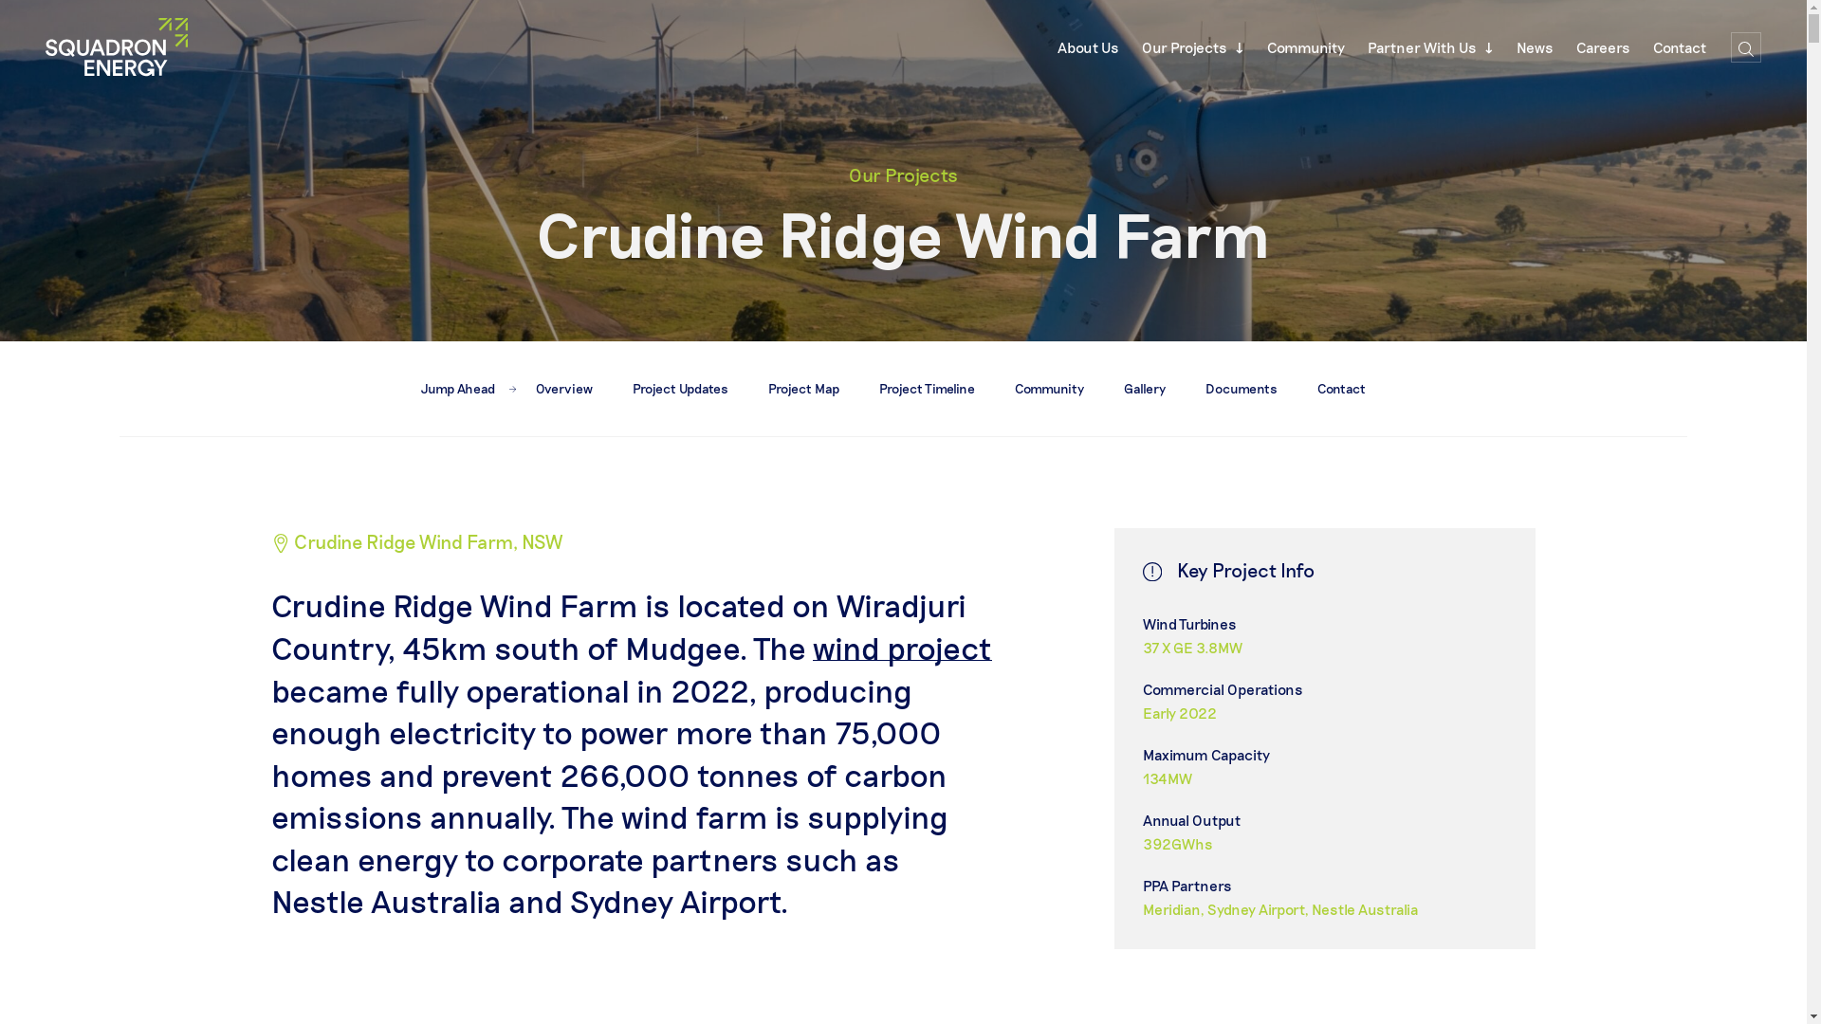 The image size is (1821, 1024). What do you see at coordinates (1430, 46) in the screenshot?
I see `'Partner With Us'` at bounding box center [1430, 46].